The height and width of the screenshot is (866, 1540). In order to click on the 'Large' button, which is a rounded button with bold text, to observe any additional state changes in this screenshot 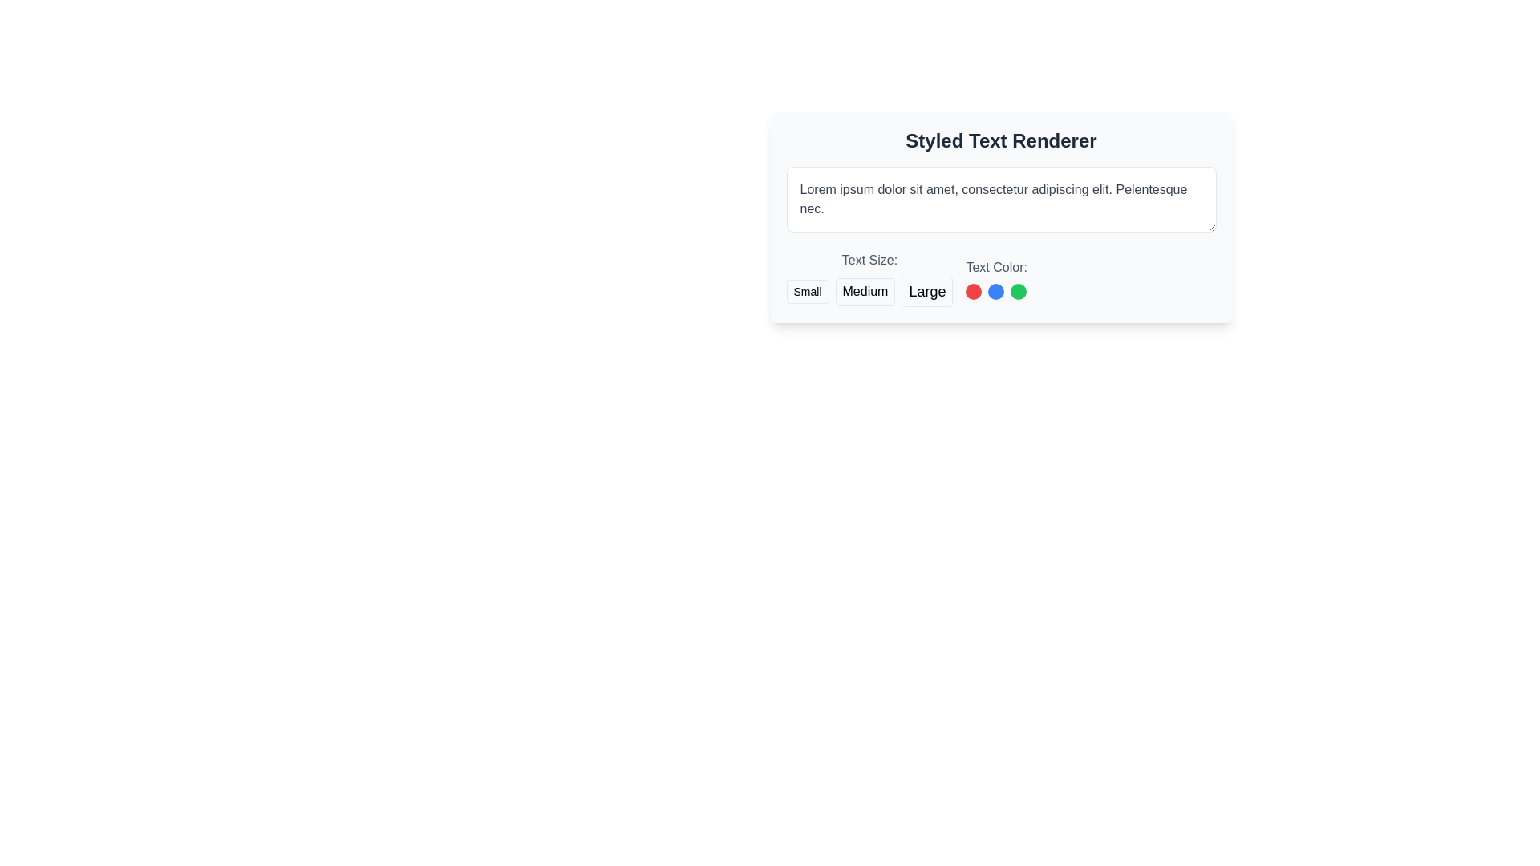, I will do `click(927, 291)`.